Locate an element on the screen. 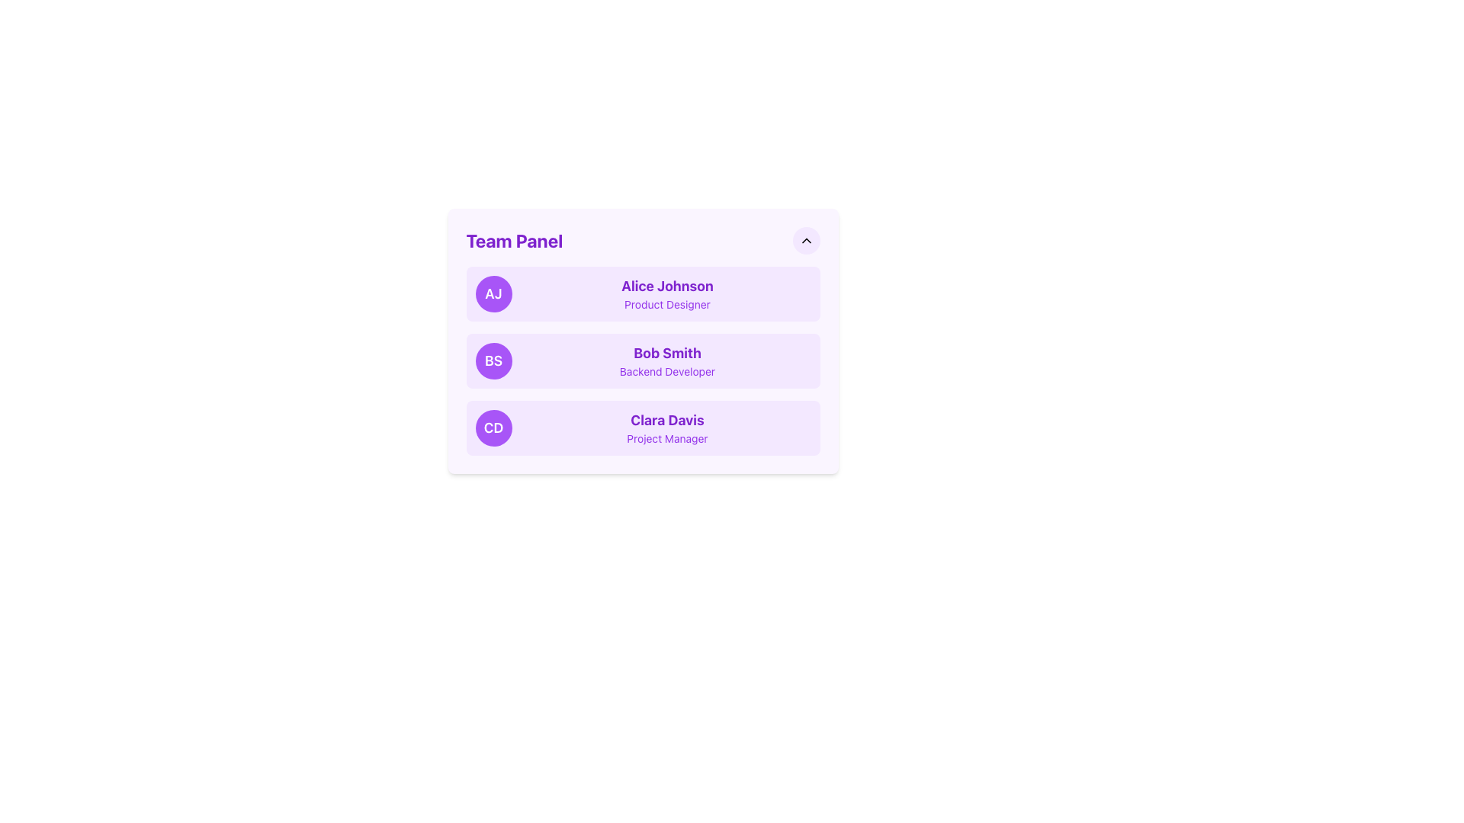 This screenshot has height=823, width=1464. the text display element that shows the name and role of a team member is located at coordinates (667, 293).